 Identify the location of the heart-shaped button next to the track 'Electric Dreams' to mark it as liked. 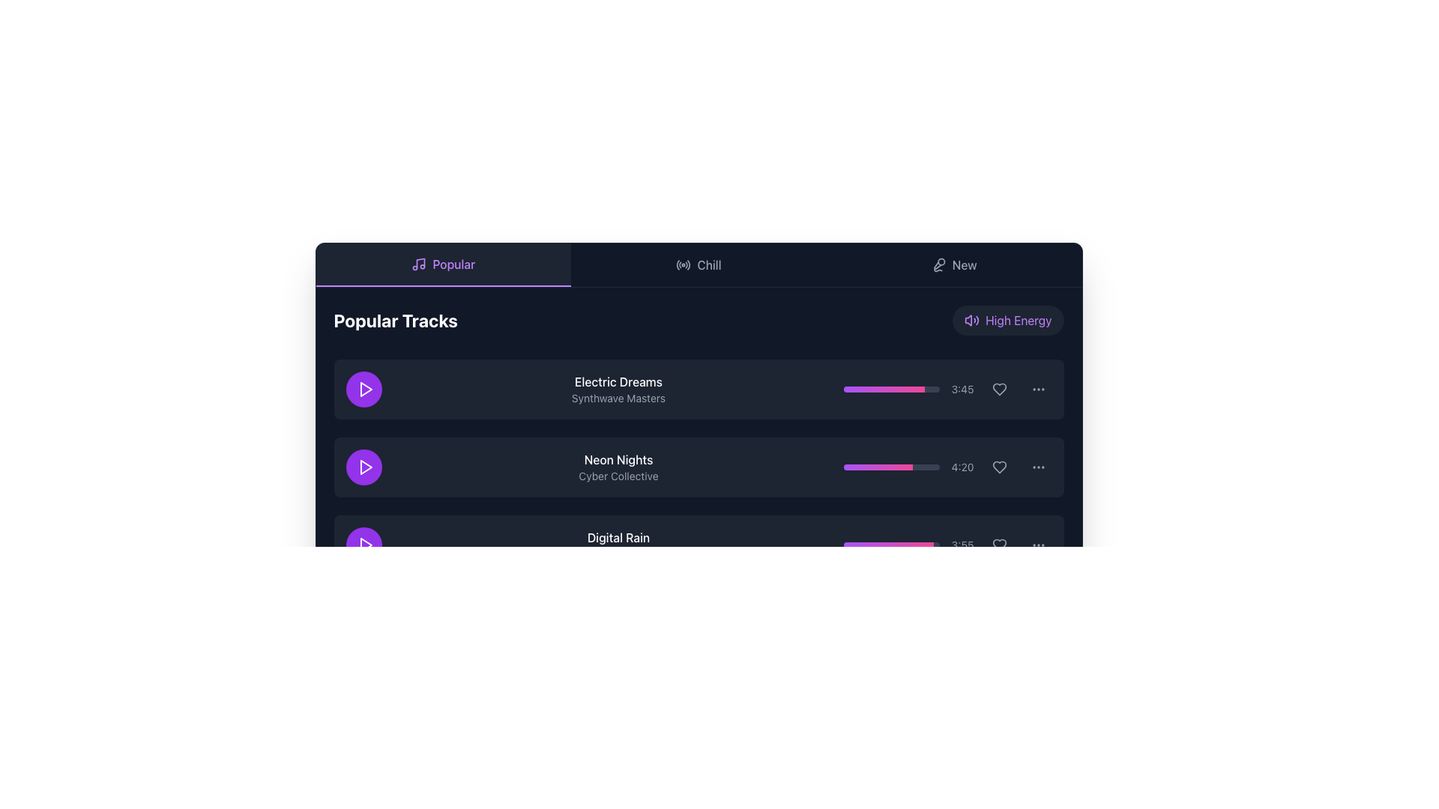
(999, 389).